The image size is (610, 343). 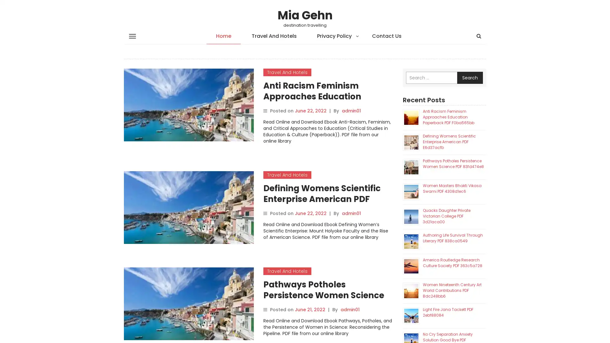 What do you see at coordinates (470, 77) in the screenshot?
I see `Search` at bounding box center [470, 77].